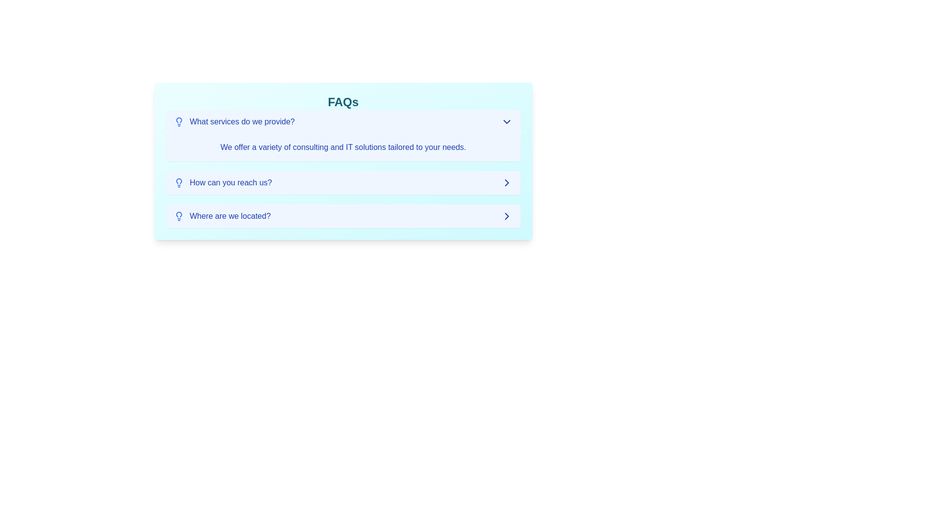 This screenshot has width=945, height=531. What do you see at coordinates (343, 147) in the screenshot?
I see `descriptive information provided in the static text content block located in the FAQ section below the question 'What services do we provide?'` at bounding box center [343, 147].